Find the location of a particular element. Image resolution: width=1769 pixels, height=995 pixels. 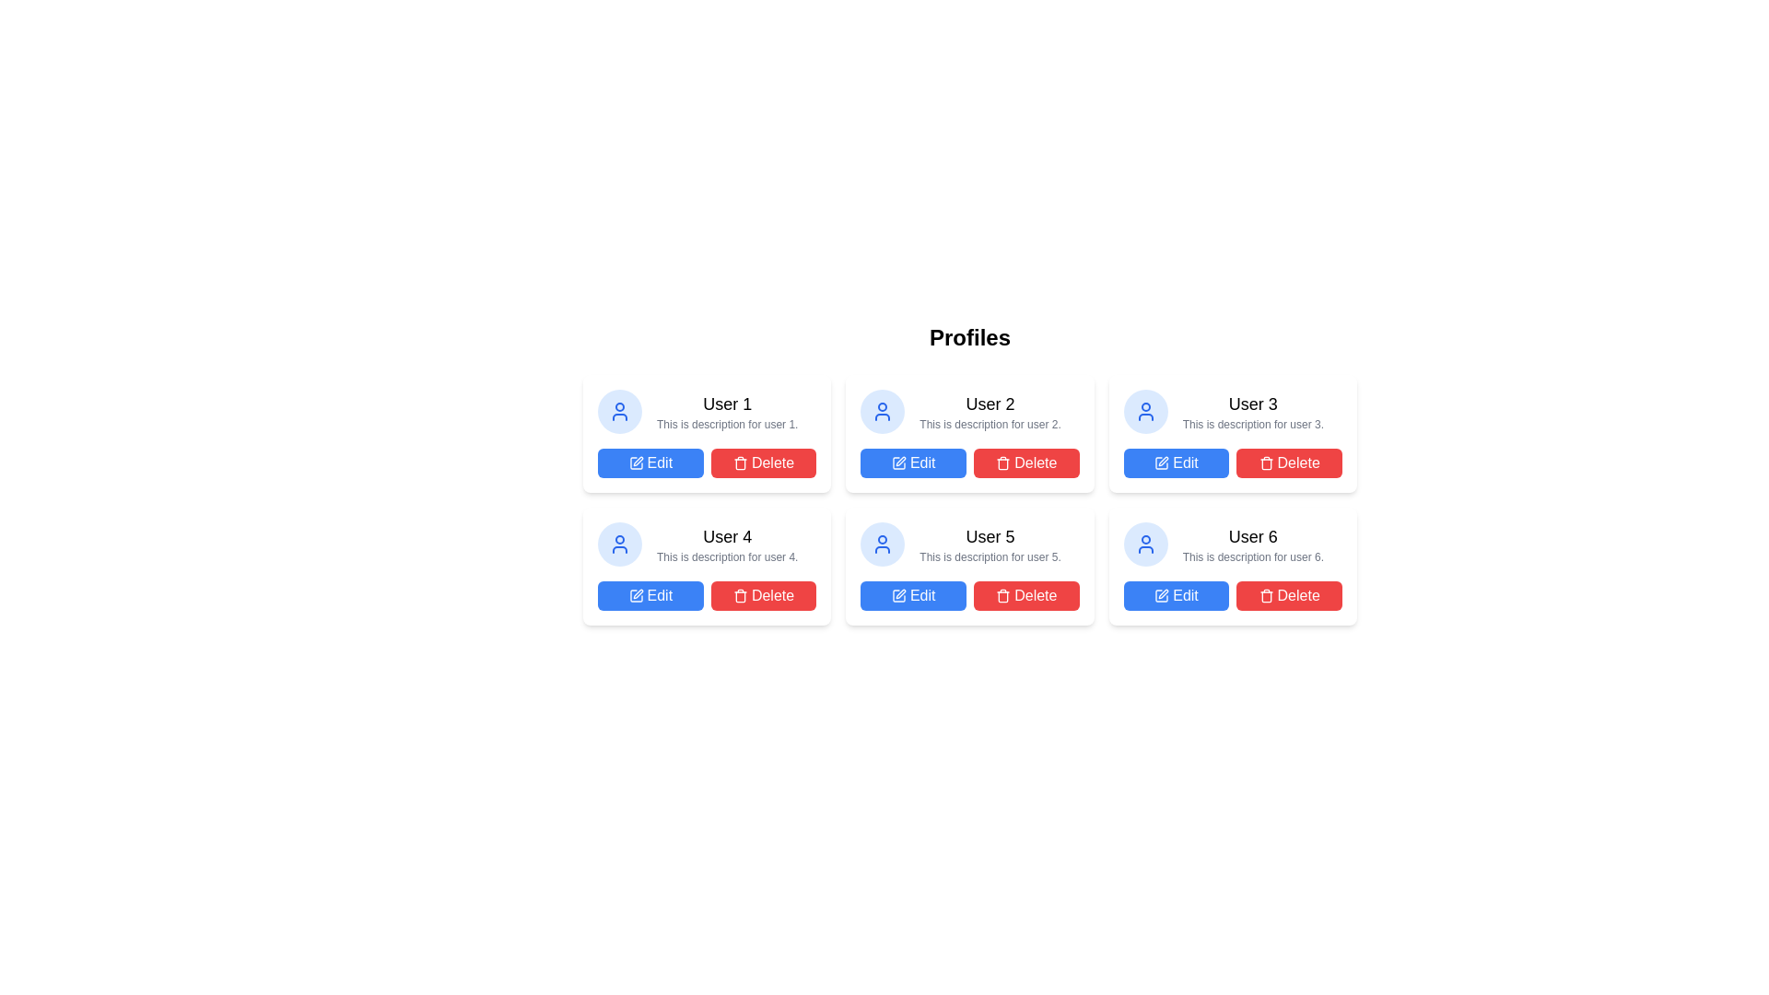

the 'User 4' label in the profile card located in the second row, first column of the grid layout is located at coordinates (726, 536).